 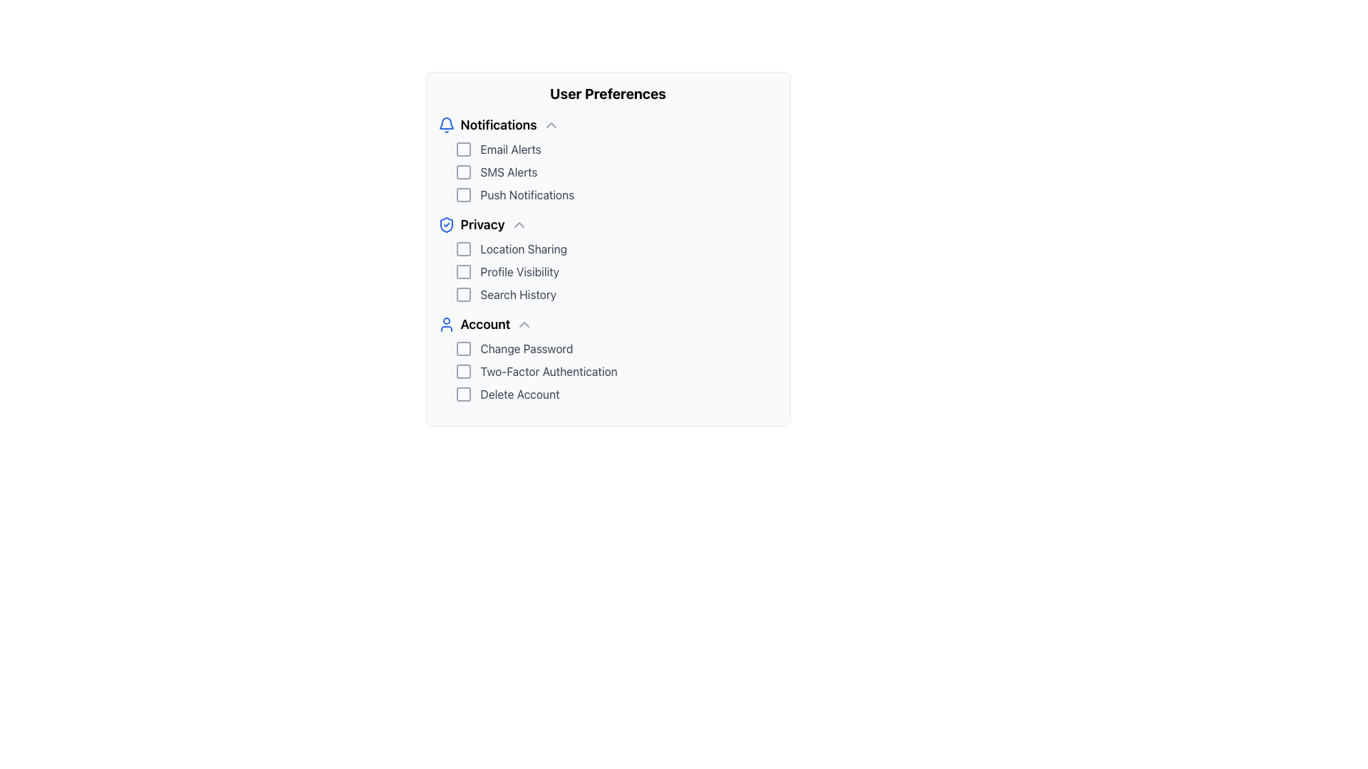 I want to click on the checkbox within the User Preferences panel to check or uncheck the corresponding option under Notifications, Privacy, or Account categories, so click(x=608, y=249).